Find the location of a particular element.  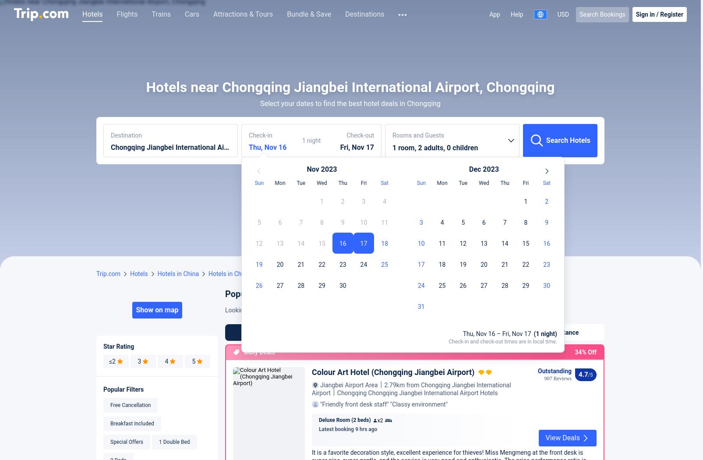

'Register' is located at coordinates (659, 14).